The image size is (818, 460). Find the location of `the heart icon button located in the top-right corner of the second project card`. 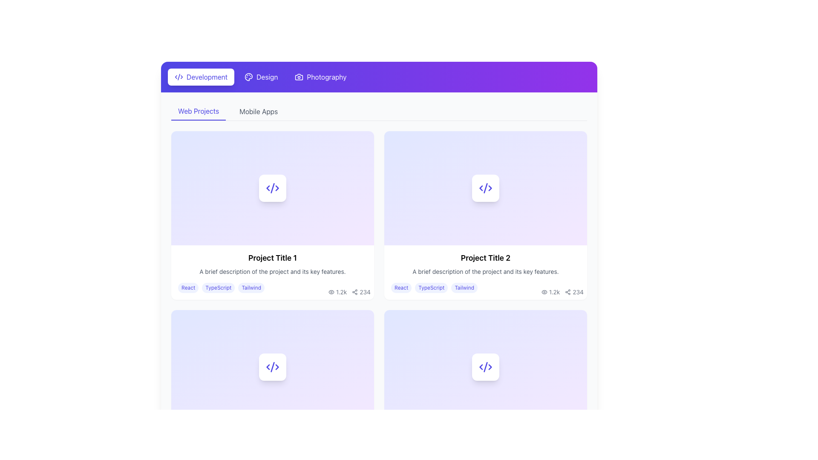

the heart icon button located in the top-right corner of the second project card is located at coordinates (576, 141).